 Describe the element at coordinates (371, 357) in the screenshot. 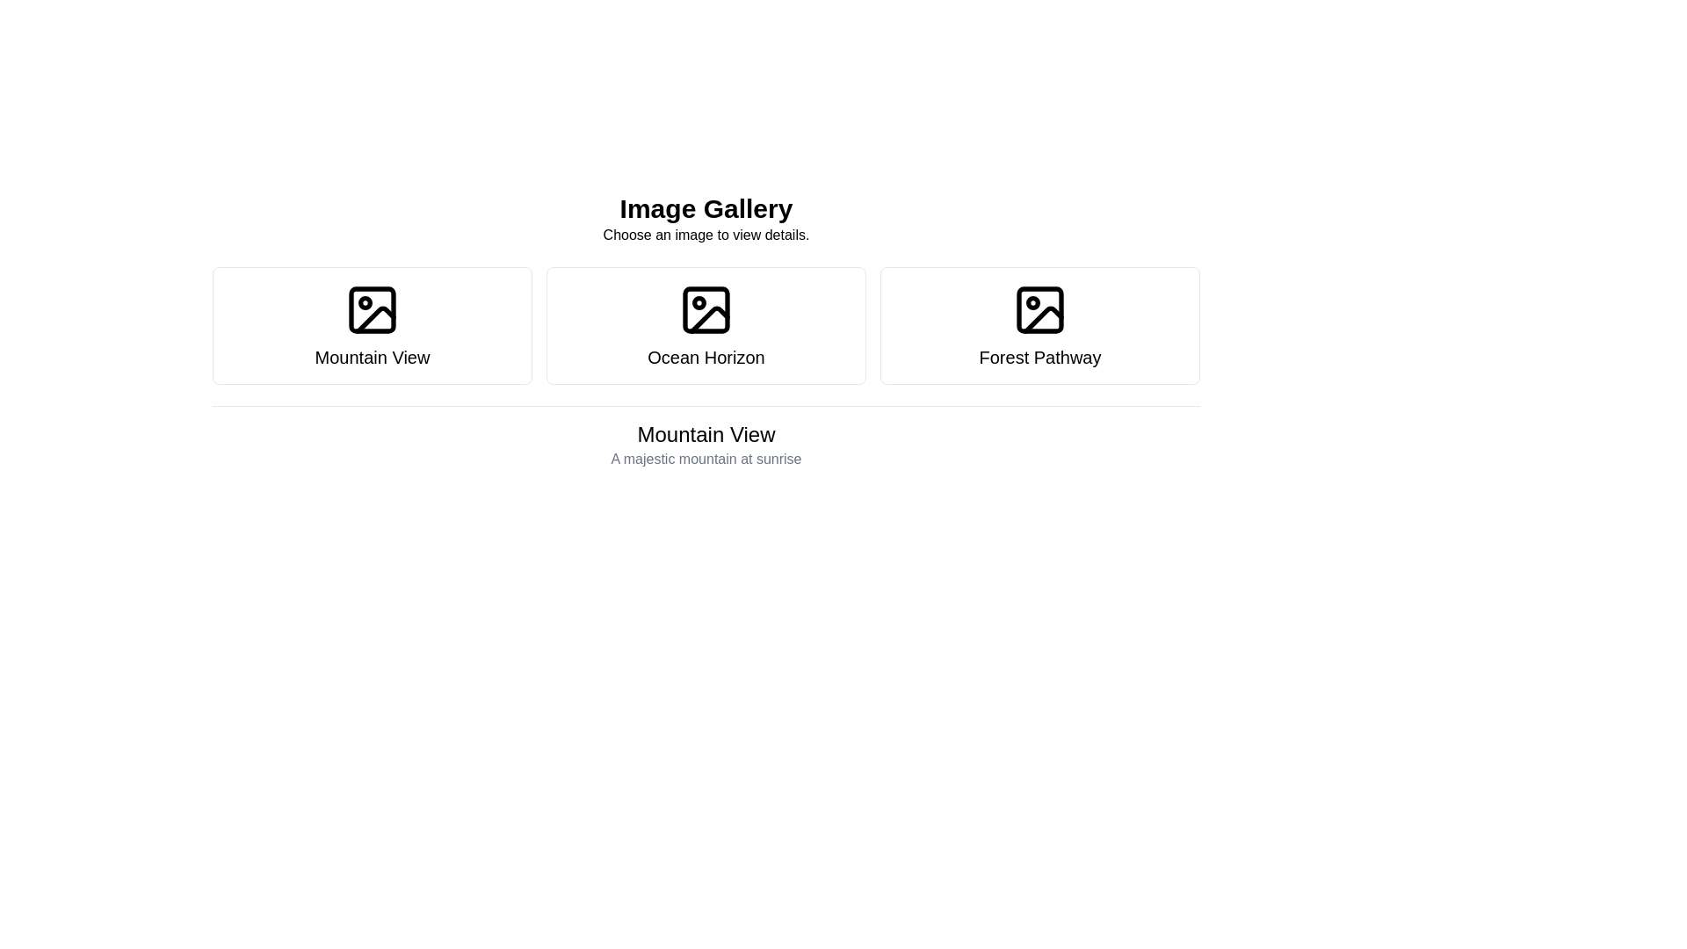

I see `text label 'Mountain View' located beneath the mountain image icon, centered on the first card in the image gallery interface` at that location.